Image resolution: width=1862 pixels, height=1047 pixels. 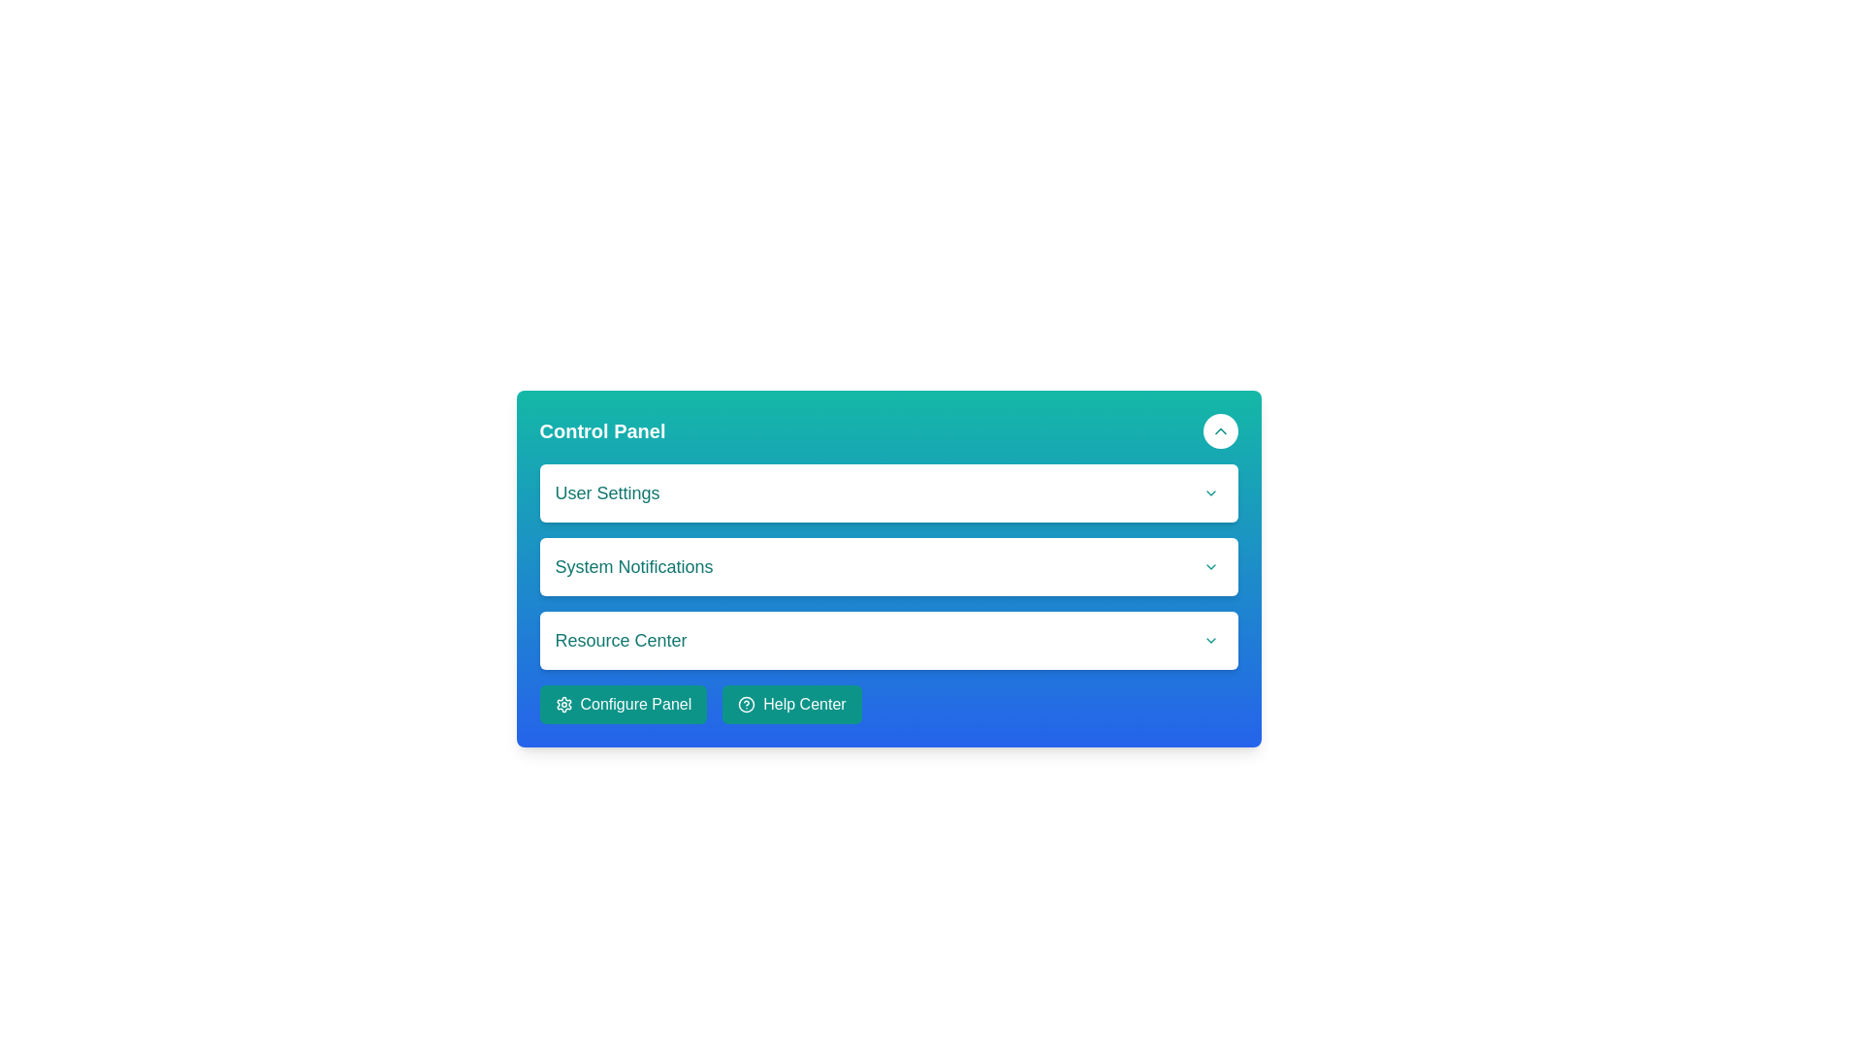 I want to click on the 'System Notifications' dropdown menu, so click(x=887, y=567).